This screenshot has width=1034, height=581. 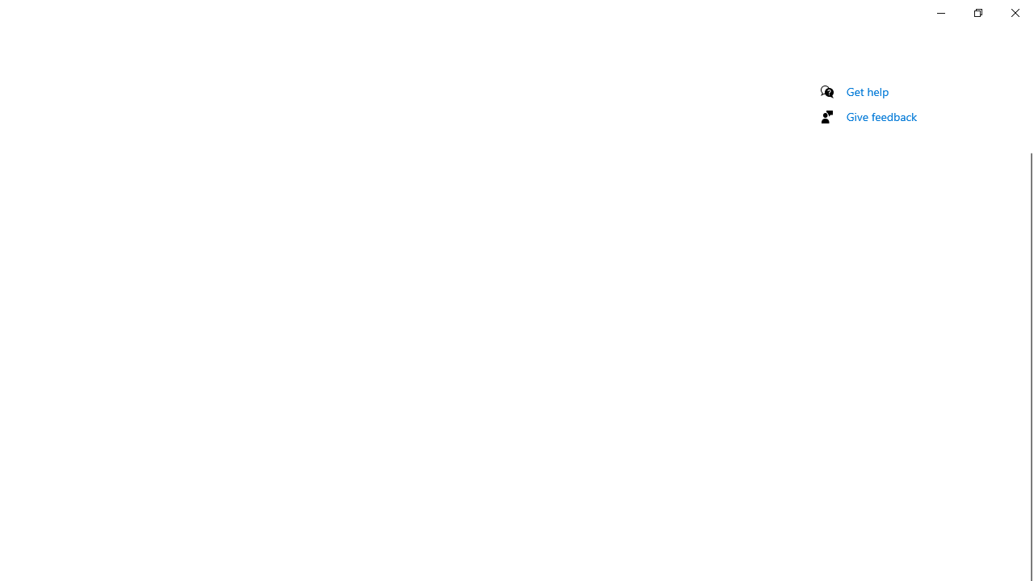 I want to click on 'Give feedback', so click(x=881, y=115).